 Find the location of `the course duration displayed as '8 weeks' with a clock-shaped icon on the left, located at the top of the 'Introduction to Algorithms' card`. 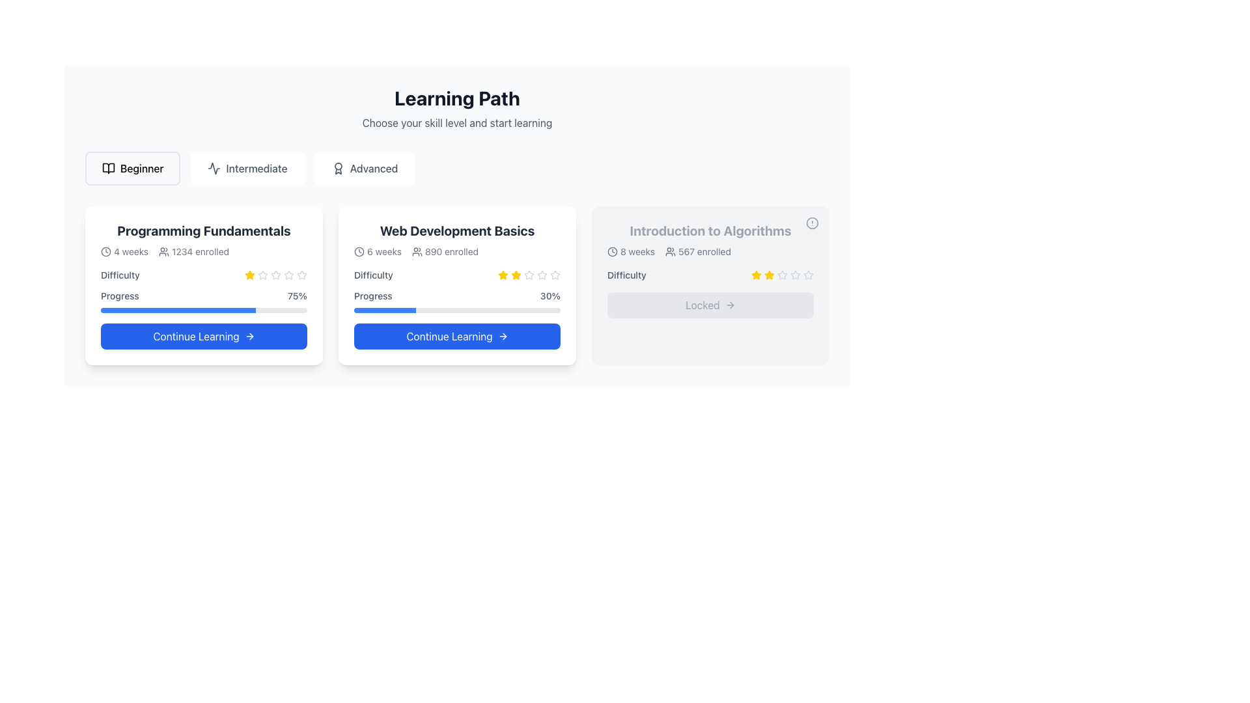

the course duration displayed as '8 weeks' with a clock-shaped icon on the left, located at the top of the 'Introduction to Algorithms' card is located at coordinates (631, 251).